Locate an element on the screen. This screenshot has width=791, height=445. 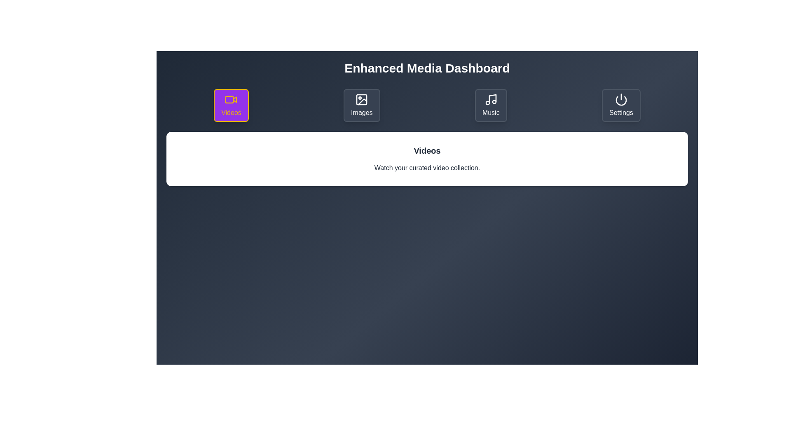
the Music tab to switch to its content is located at coordinates (491, 105).